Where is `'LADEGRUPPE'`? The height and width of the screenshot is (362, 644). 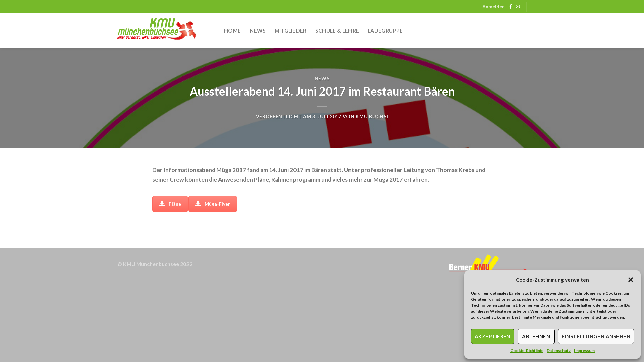 'LADEGRUPPE' is located at coordinates (367, 31).